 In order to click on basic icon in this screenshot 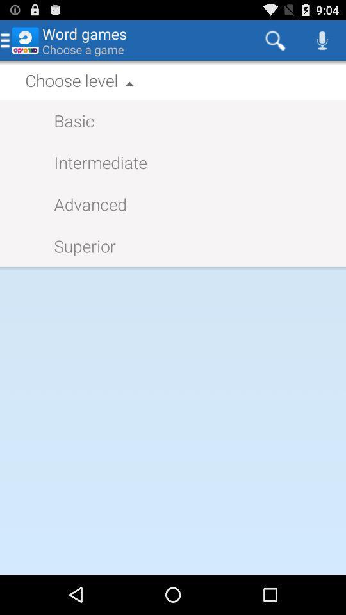, I will do `click(67, 120)`.